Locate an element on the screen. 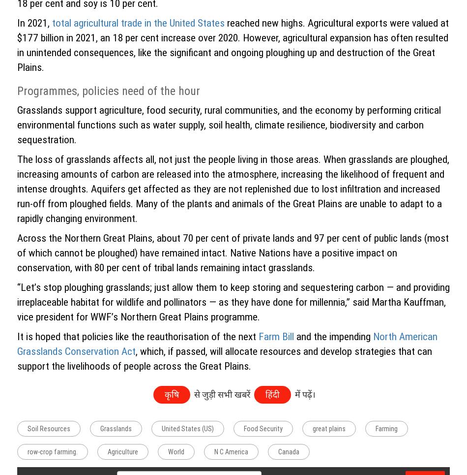 This screenshot has height=475, width=467. 'World' is located at coordinates (175, 451).